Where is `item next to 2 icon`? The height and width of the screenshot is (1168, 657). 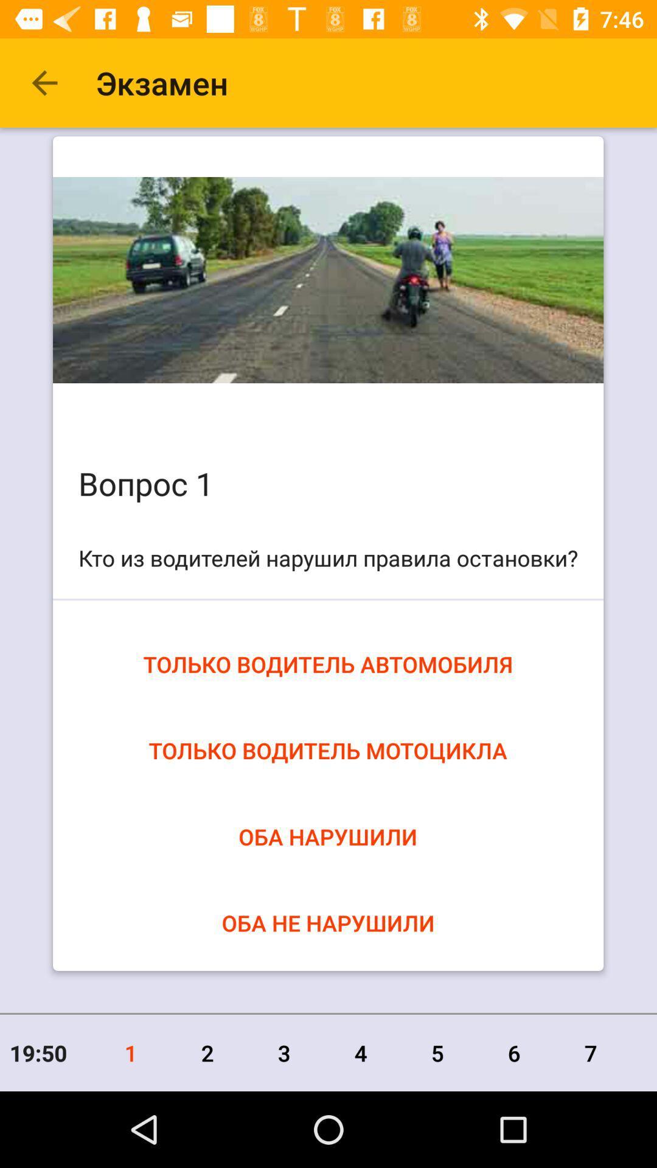 item next to 2 icon is located at coordinates (284, 1052).